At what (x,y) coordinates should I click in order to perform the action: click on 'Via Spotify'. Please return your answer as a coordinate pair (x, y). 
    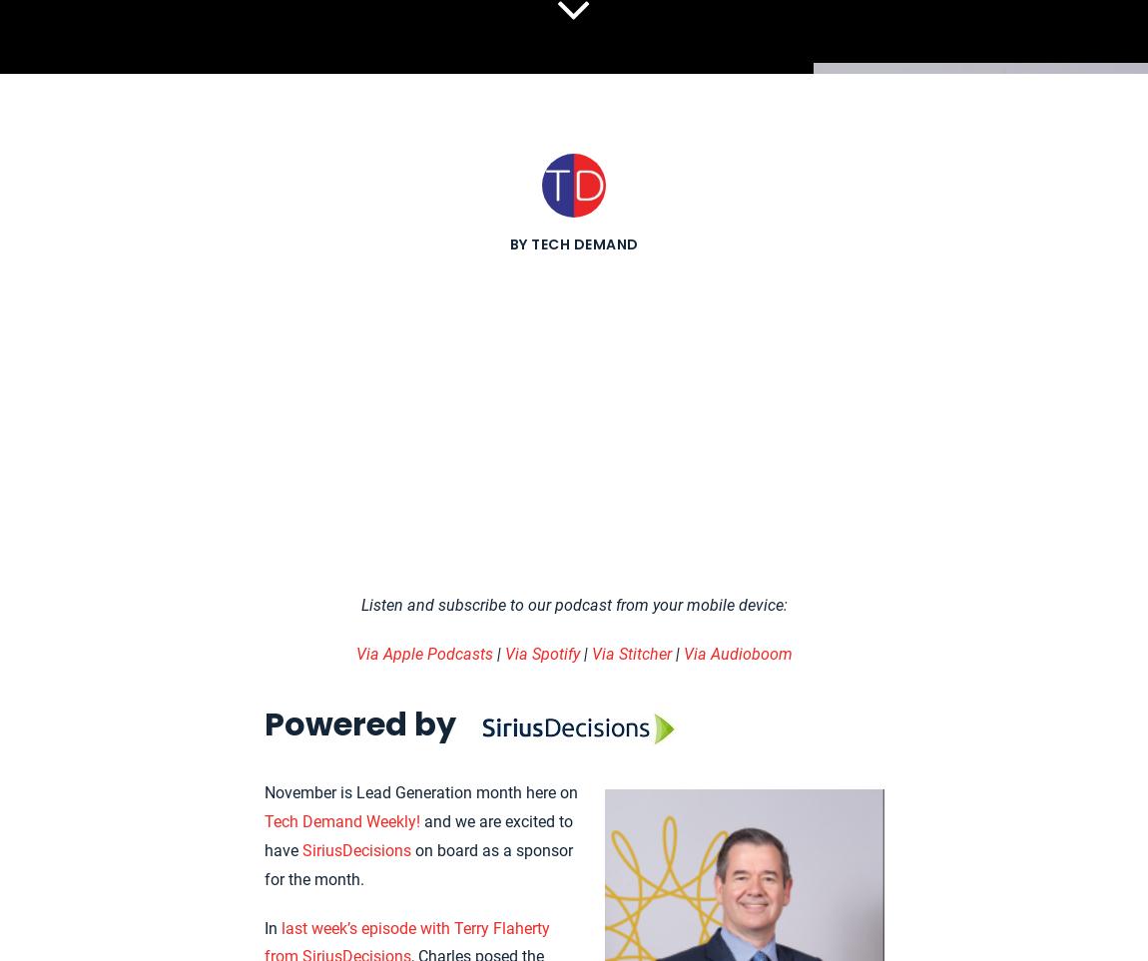
    Looking at the image, I should click on (541, 653).